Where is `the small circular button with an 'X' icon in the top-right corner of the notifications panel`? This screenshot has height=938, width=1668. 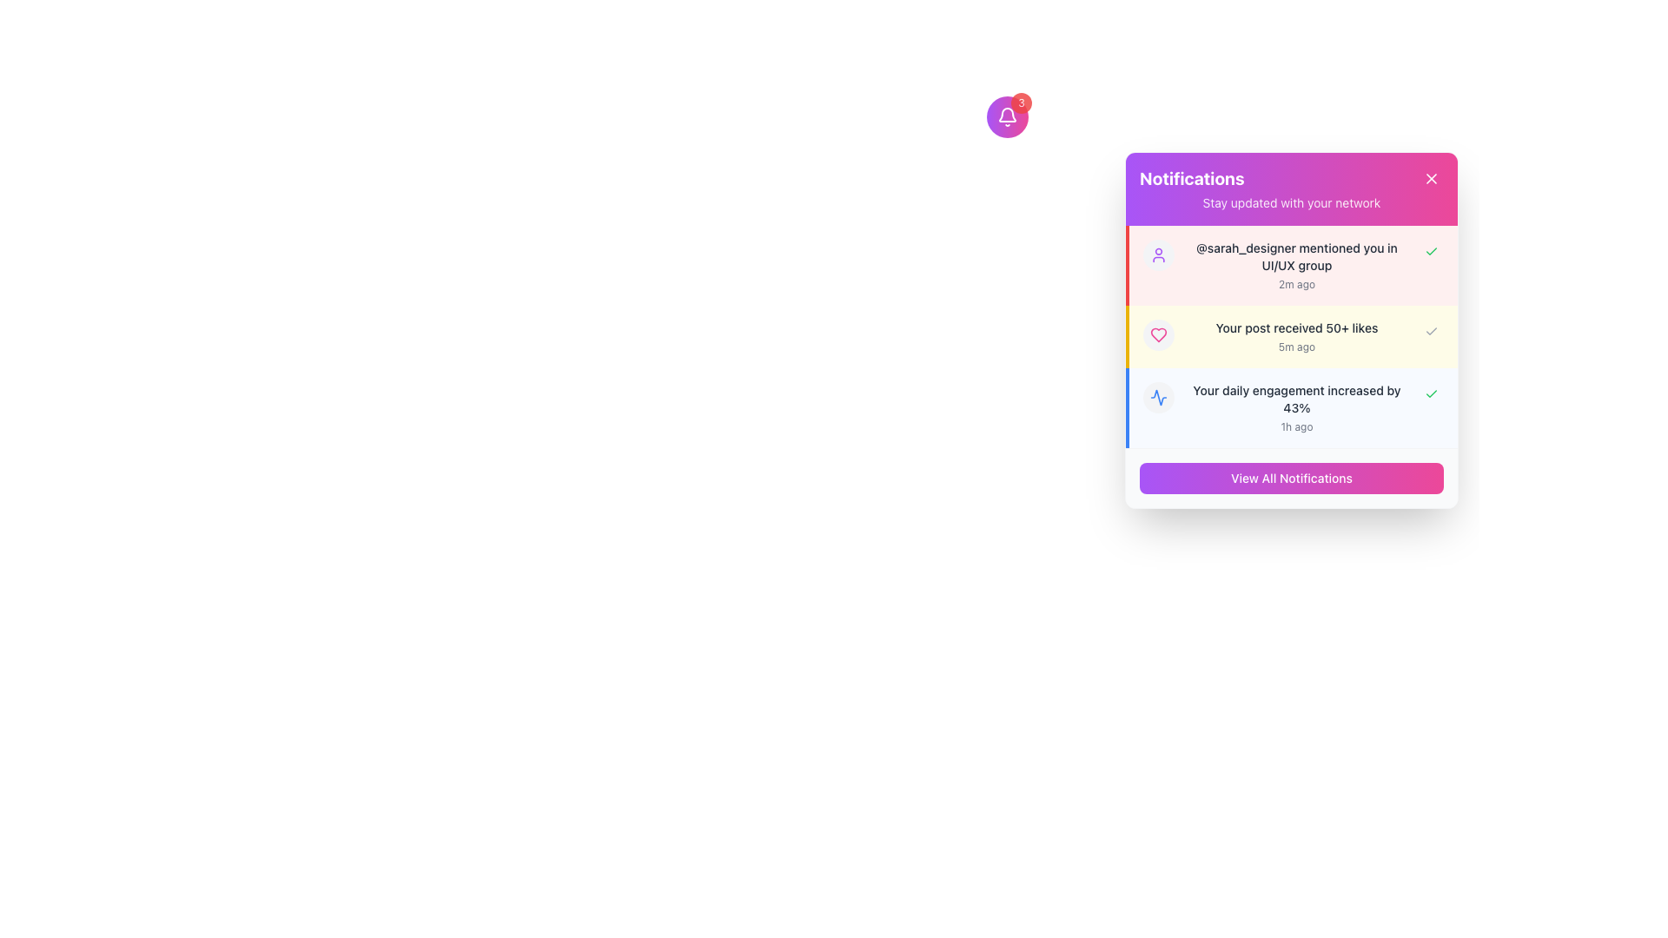
the small circular button with an 'X' icon in the top-right corner of the notifications panel is located at coordinates (1431, 178).